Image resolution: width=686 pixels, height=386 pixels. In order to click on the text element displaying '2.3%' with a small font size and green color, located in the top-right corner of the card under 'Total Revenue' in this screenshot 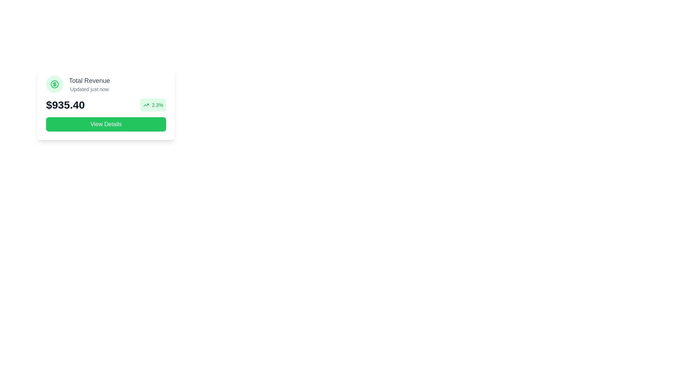, I will do `click(157, 105)`.